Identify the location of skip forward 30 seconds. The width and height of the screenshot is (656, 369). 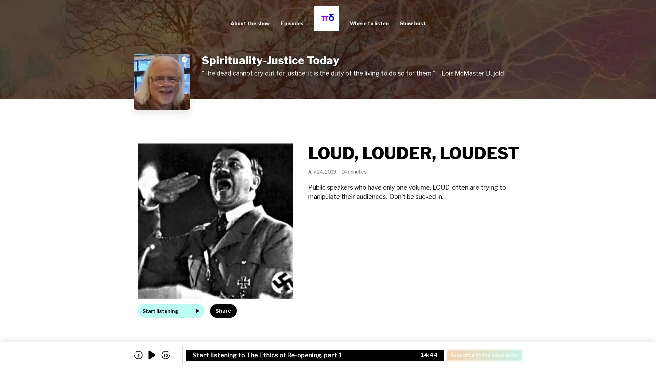
(165, 355).